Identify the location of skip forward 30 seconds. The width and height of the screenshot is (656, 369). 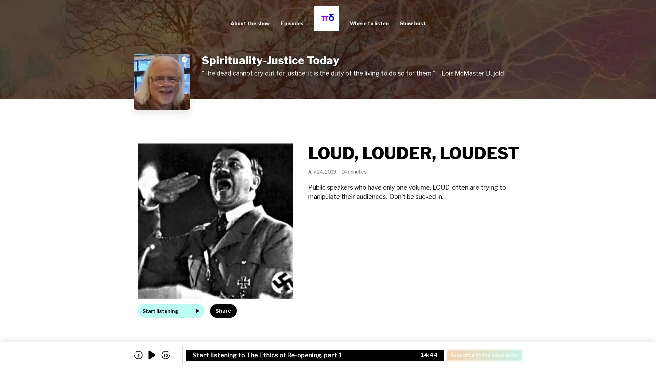
(165, 355).